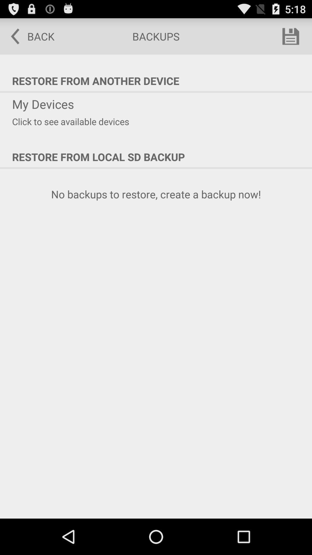  I want to click on backup, so click(291, 36).